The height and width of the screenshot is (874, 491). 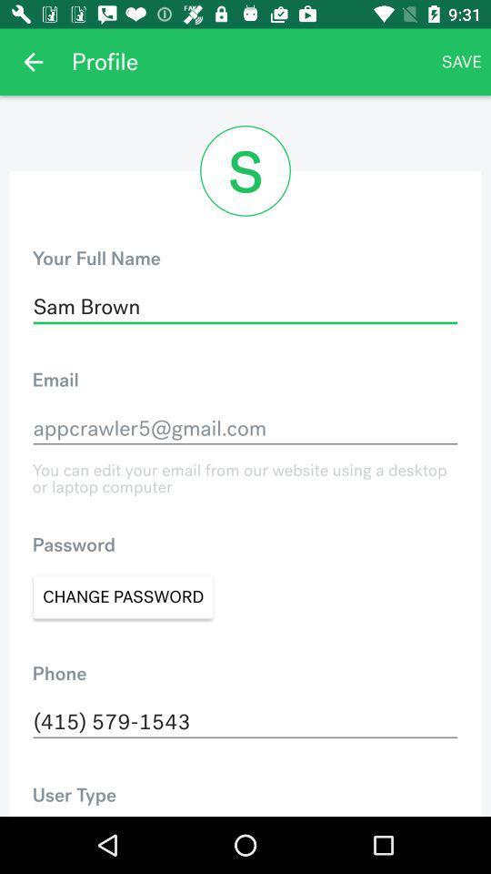 I want to click on (415) 579-1543, so click(x=245, y=722).